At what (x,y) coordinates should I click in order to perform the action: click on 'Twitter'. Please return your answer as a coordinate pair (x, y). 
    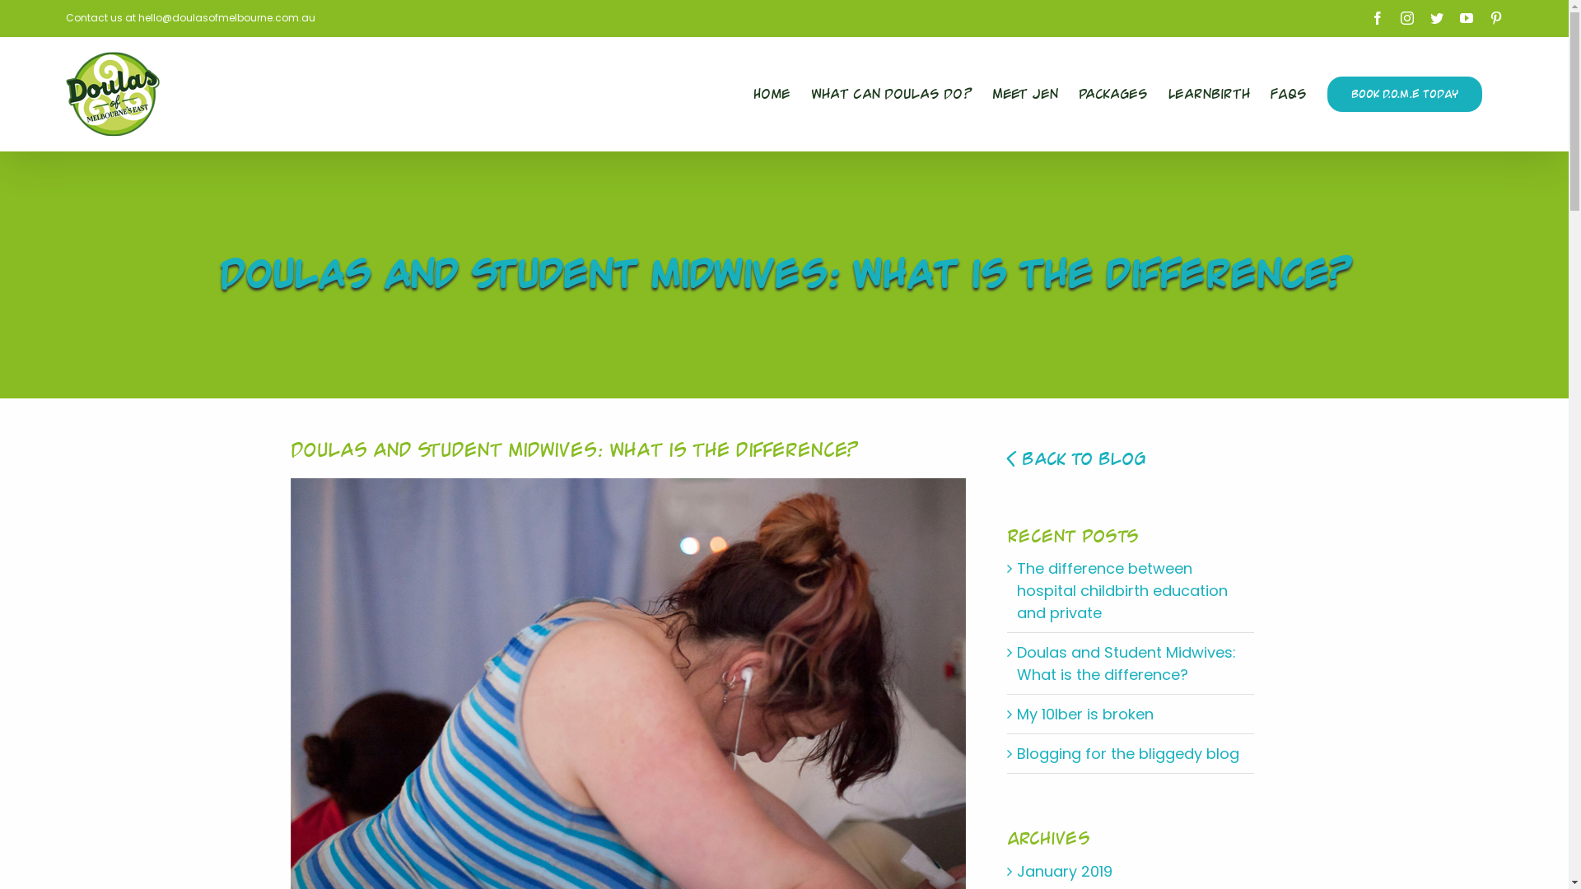
    Looking at the image, I should click on (1436, 18).